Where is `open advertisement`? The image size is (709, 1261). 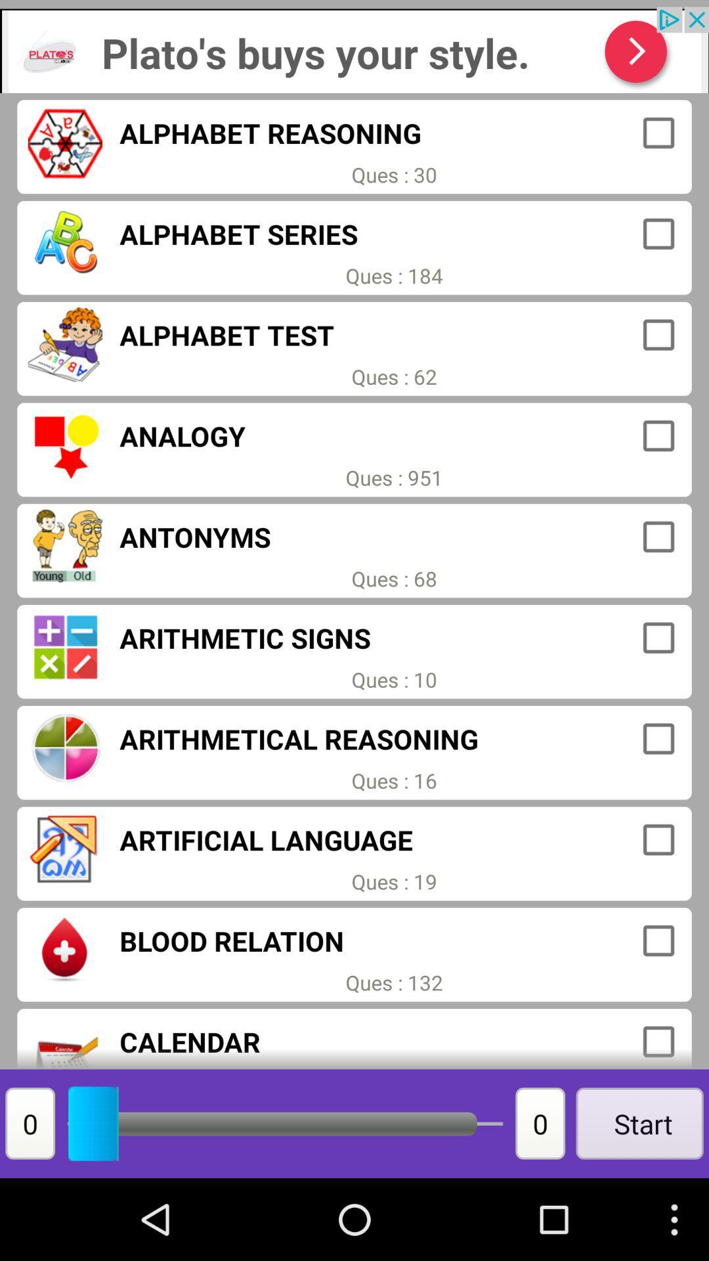 open advertisement is located at coordinates (354, 50).